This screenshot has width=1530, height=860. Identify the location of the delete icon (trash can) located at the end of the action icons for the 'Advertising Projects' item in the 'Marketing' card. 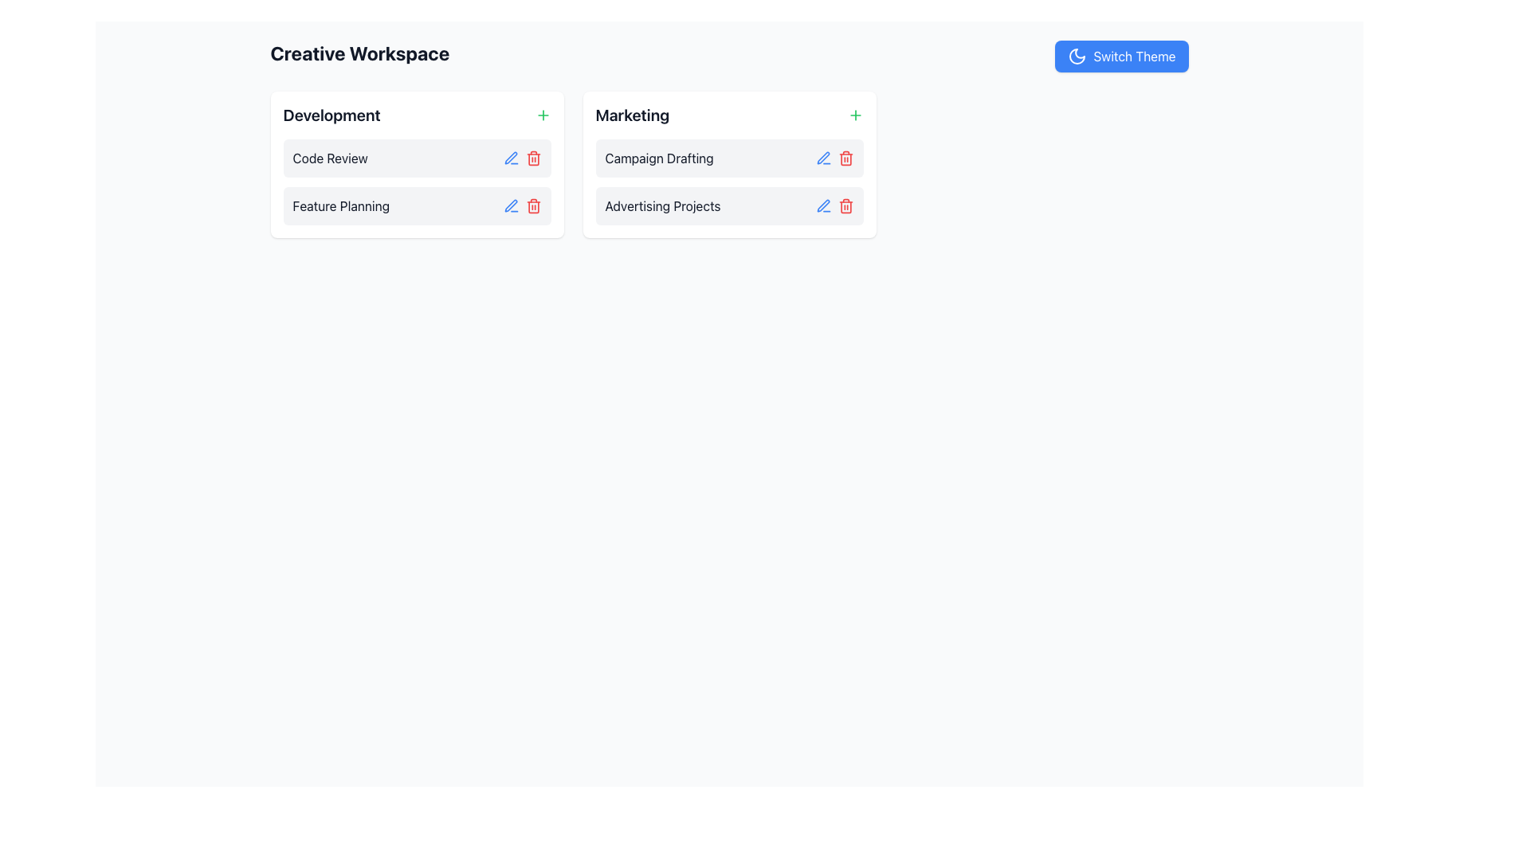
(845, 205).